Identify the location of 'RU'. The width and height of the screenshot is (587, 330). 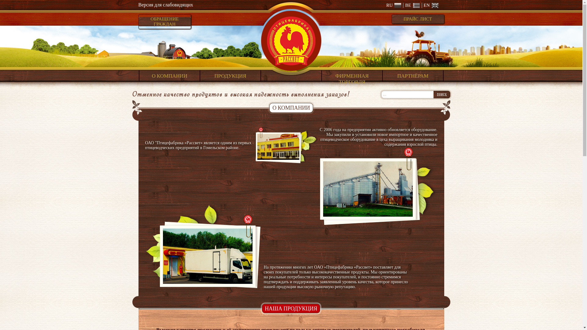
(393, 5).